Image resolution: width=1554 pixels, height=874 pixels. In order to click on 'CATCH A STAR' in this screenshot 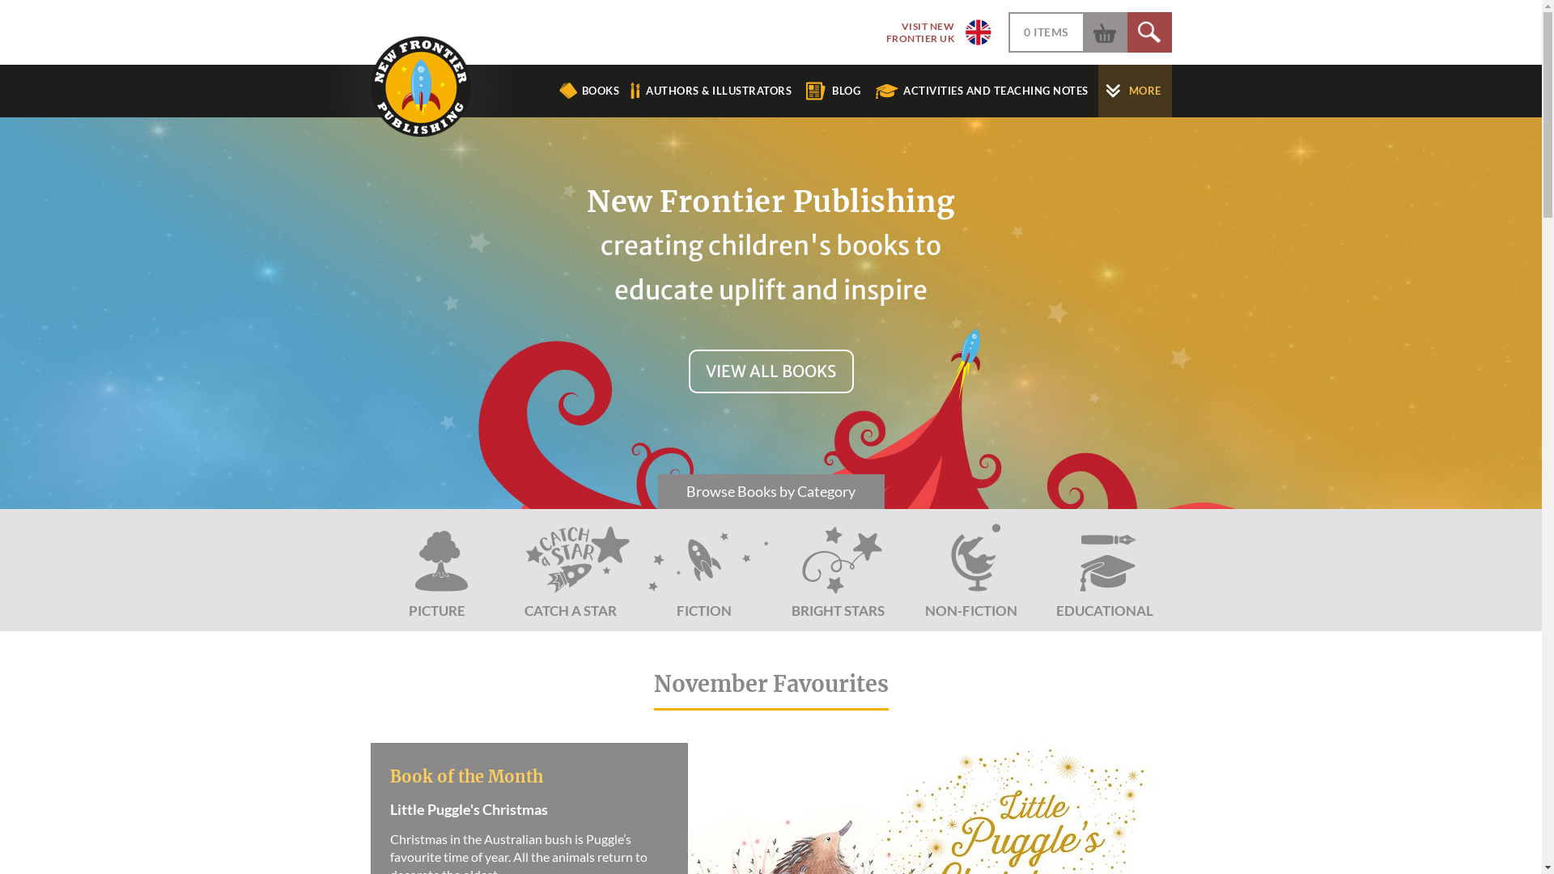, I will do `click(570, 569)`.